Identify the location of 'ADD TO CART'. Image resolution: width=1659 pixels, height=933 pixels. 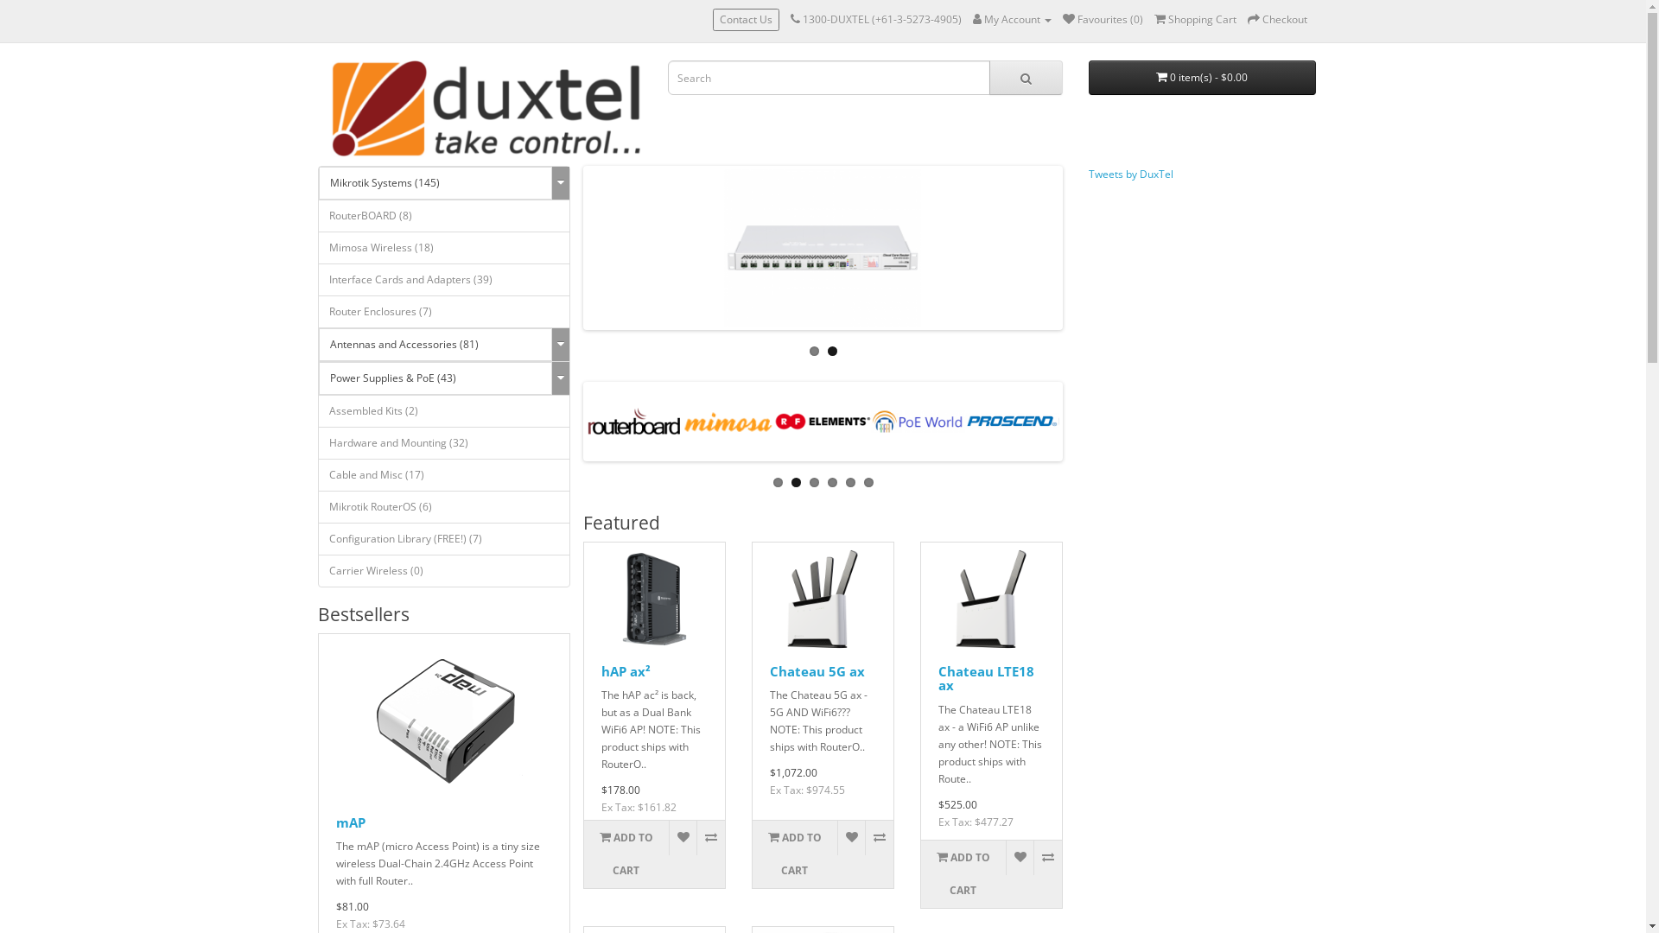
(625, 853).